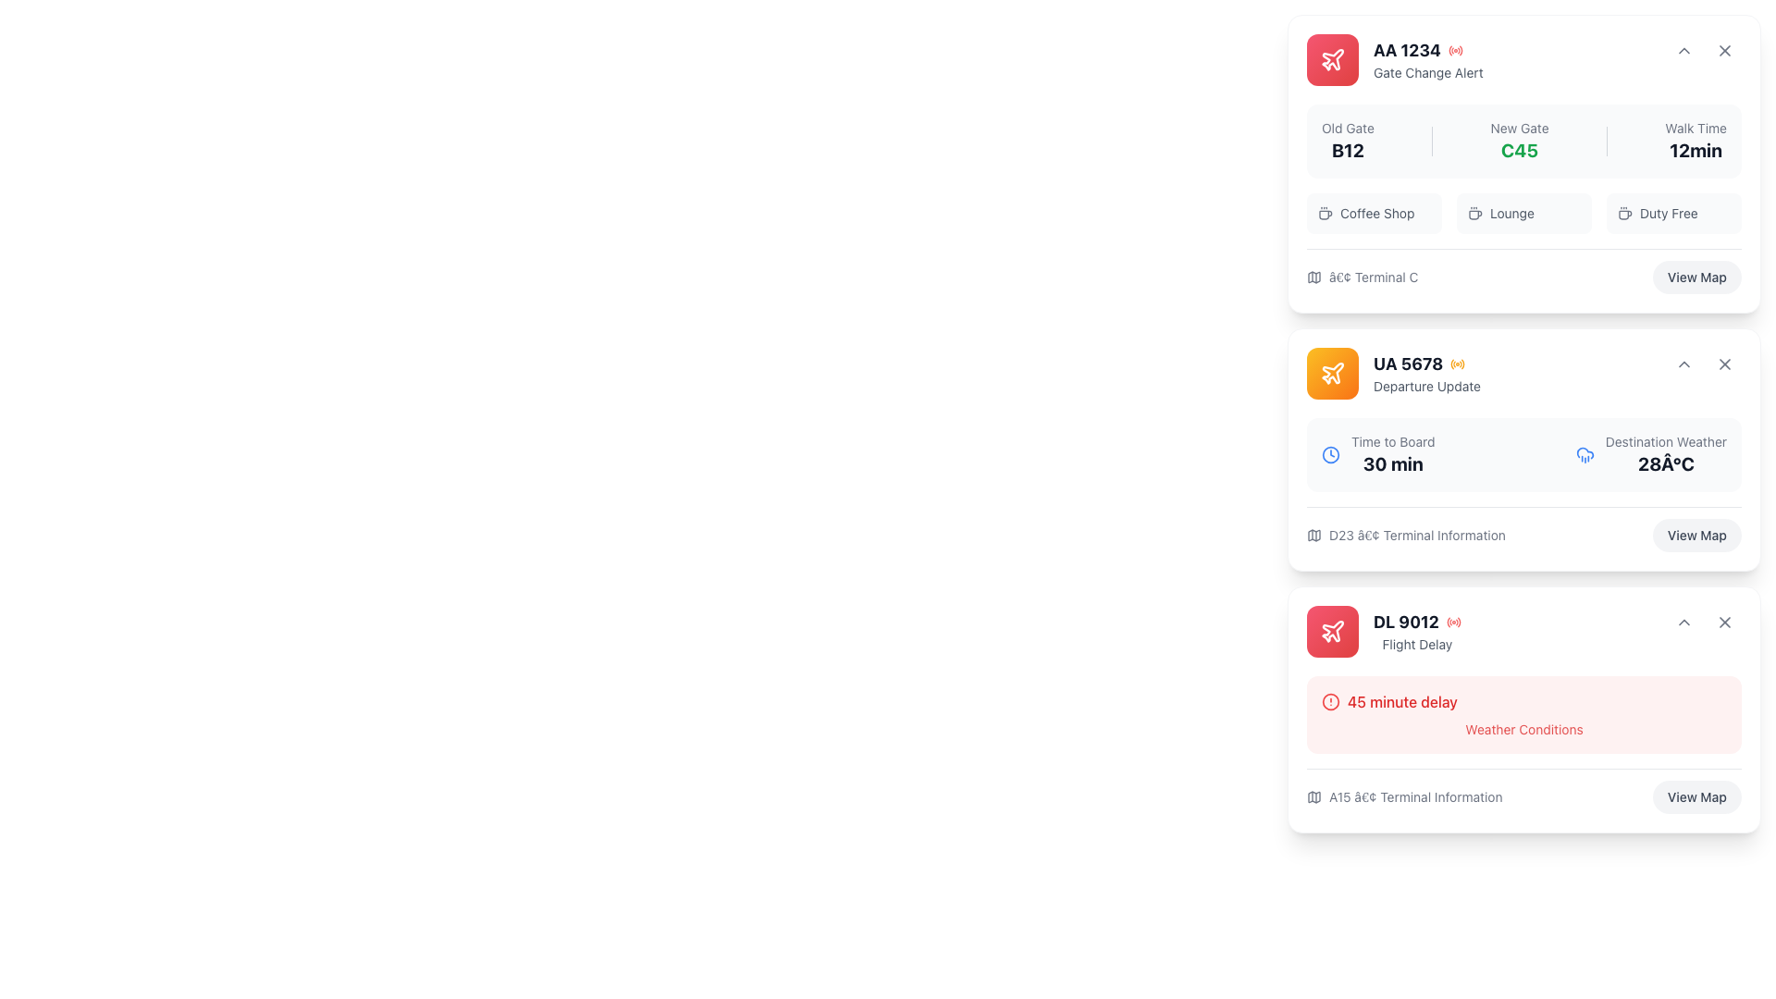 This screenshot has height=999, width=1776. Describe the element at coordinates (1406, 535) in the screenshot. I see `the text with icon stating 'D23 • Terminal Information', which is positioned in the bottom-left corner of the 'UA 5678 Departure Update' card, just above the 'View Map' button` at that location.